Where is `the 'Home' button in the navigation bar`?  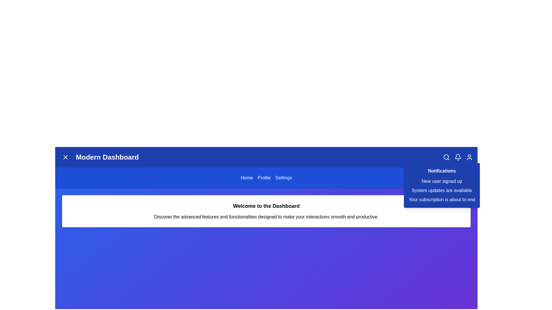
the 'Home' button in the navigation bar is located at coordinates (247, 178).